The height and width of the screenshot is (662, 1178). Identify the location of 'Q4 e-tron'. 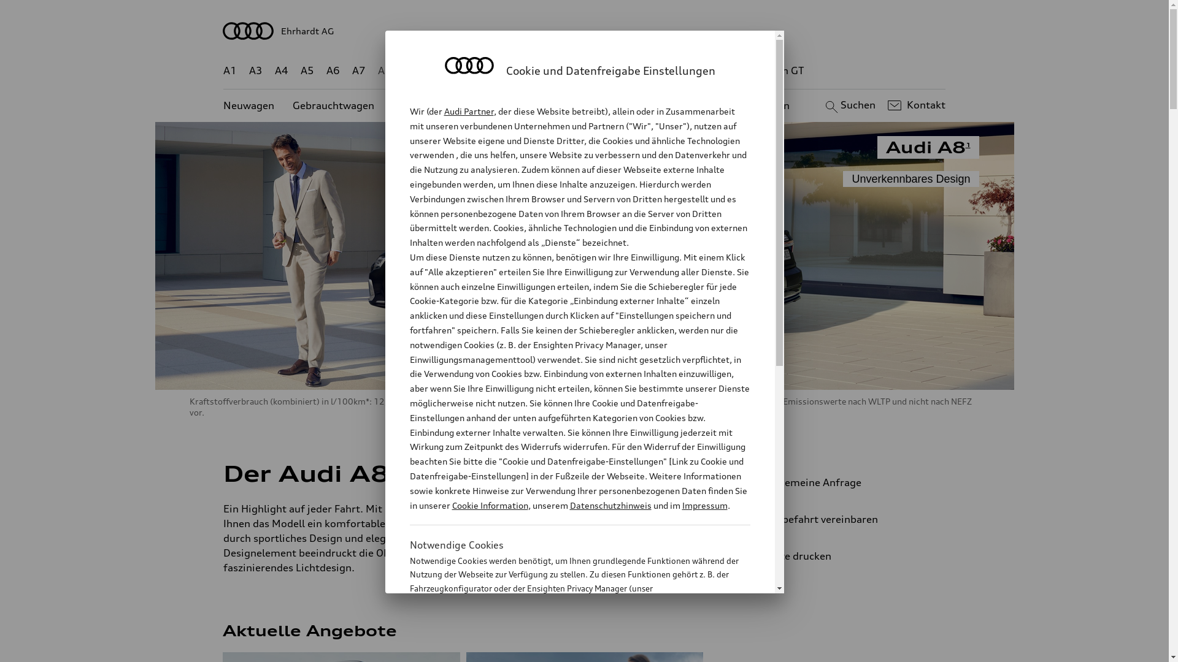
(479, 70).